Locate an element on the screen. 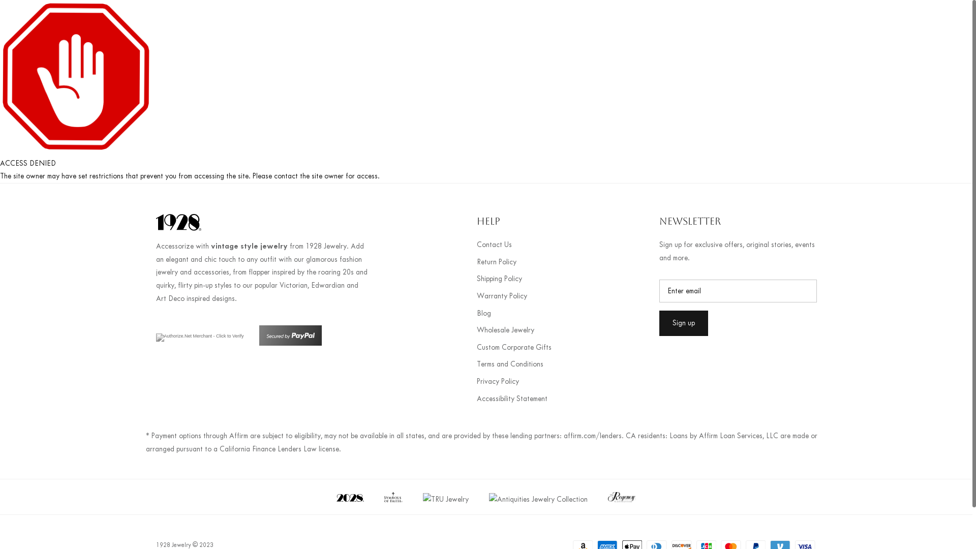  'Warranty Policy' is located at coordinates (502, 296).